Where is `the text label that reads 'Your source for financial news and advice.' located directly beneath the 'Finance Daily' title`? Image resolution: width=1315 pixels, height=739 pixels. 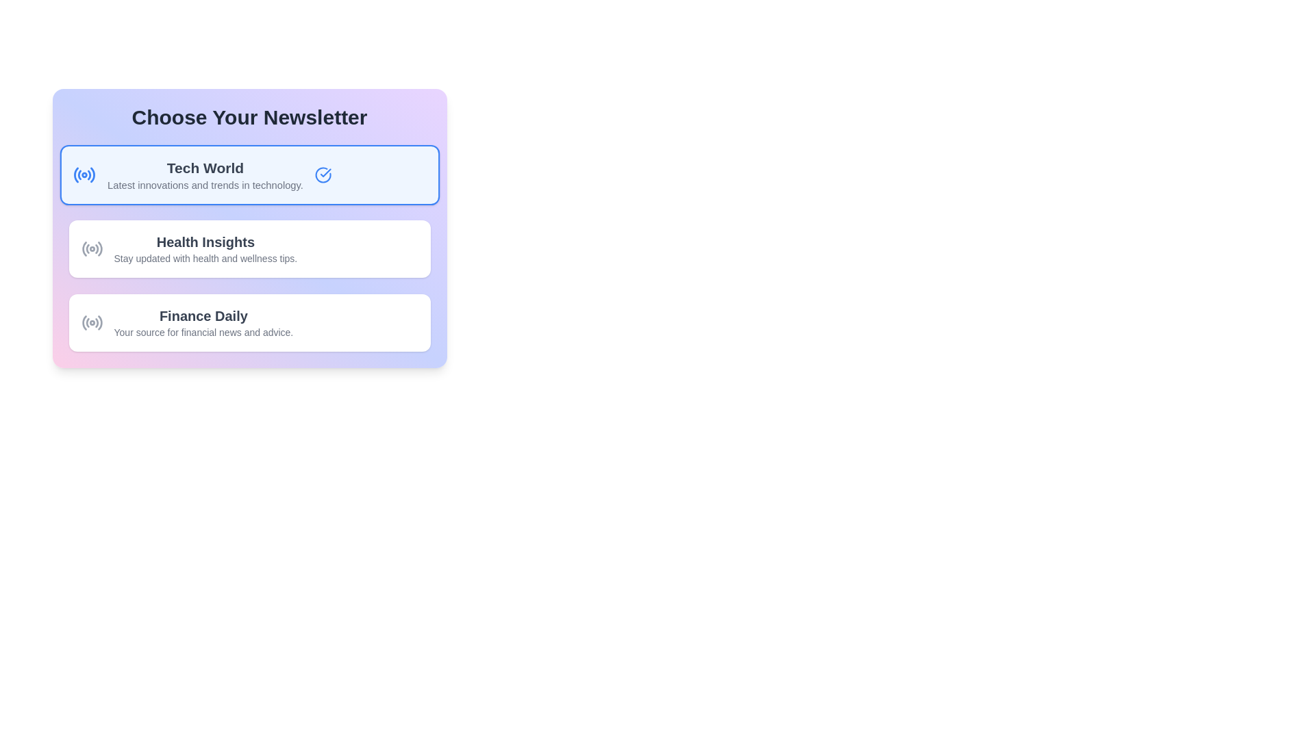 the text label that reads 'Your source for financial news and advice.' located directly beneath the 'Finance Daily' title is located at coordinates (203, 333).